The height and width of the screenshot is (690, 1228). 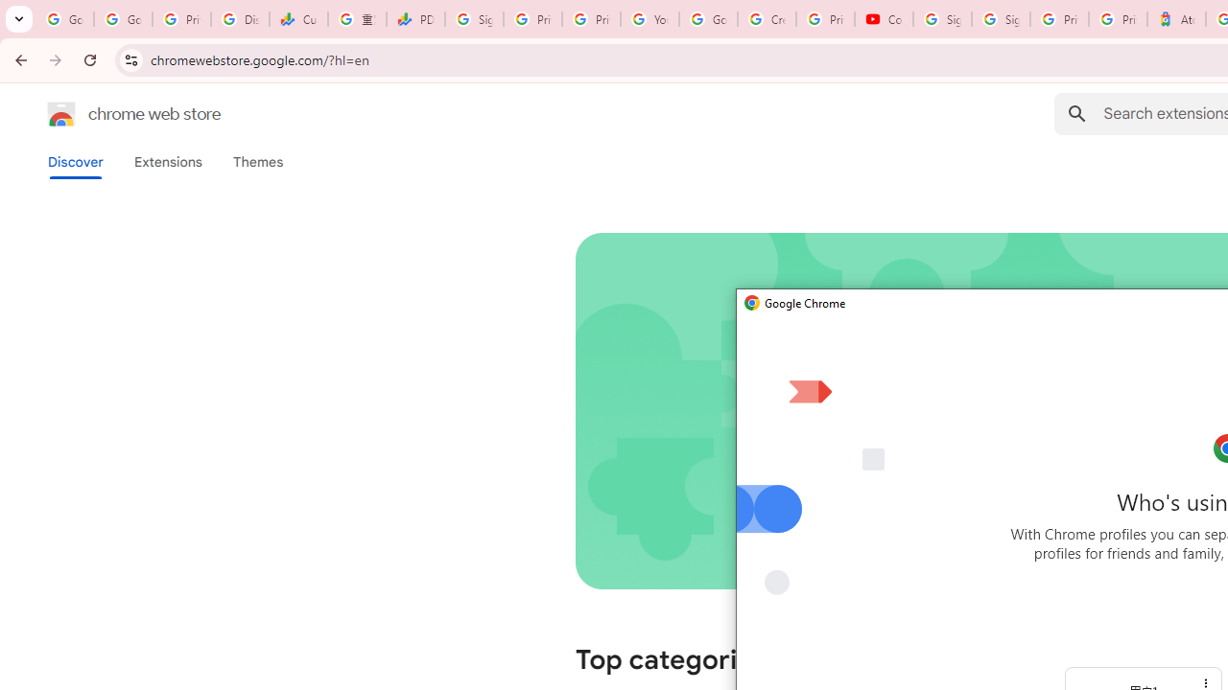 What do you see at coordinates (297, 19) in the screenshot?
I see `'Currencies - Google Finance'` at bounding box center [297, 19].